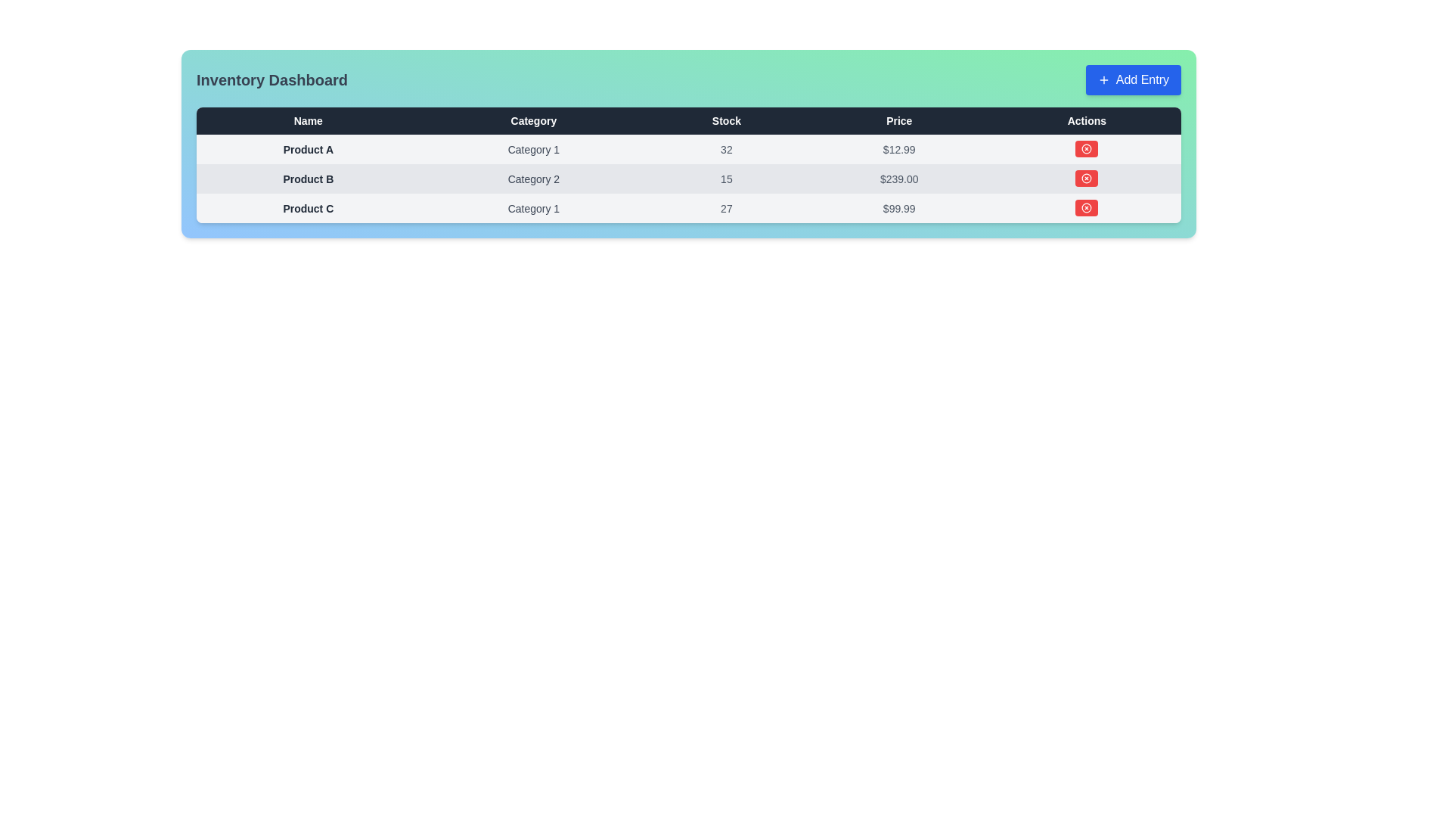 The width and height of the screenshot is (1452, 817). What do you see at coordinates (533, 208) in the screenshot?
I see `the static text label reading 'Category 1' located in the 'Category' column under 'Product C' in the third row of the table` at bounding box center [533, 208].